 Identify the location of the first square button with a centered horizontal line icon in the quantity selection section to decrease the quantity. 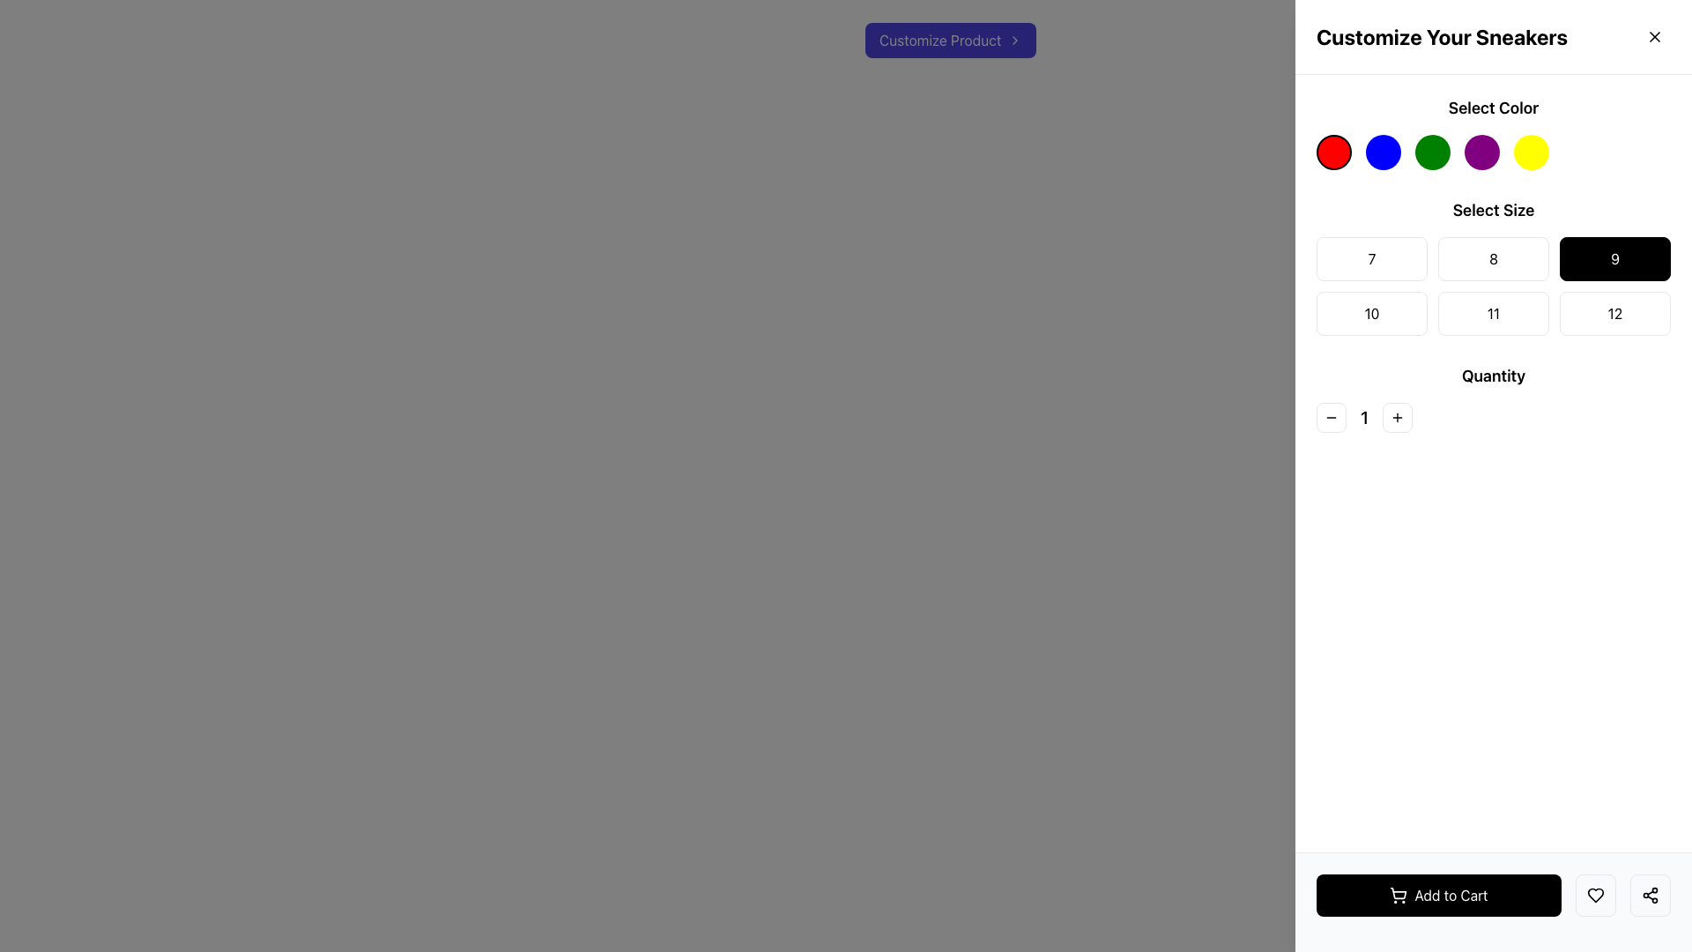
(1332, 418).